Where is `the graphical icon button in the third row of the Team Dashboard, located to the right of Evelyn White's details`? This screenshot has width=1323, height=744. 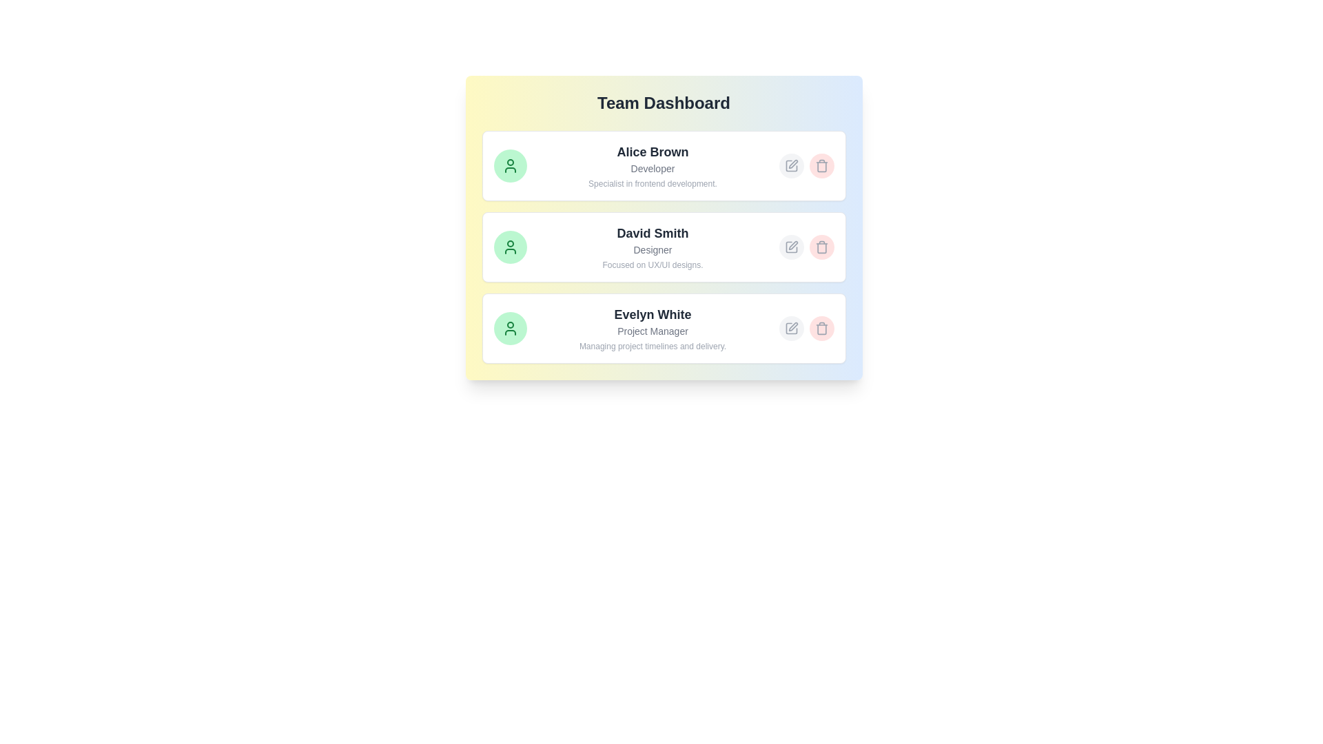 the graphical icon button in the third row of the Team Dashboard, located to the right of Evelyn White's details is located at coordinates (793, 327).